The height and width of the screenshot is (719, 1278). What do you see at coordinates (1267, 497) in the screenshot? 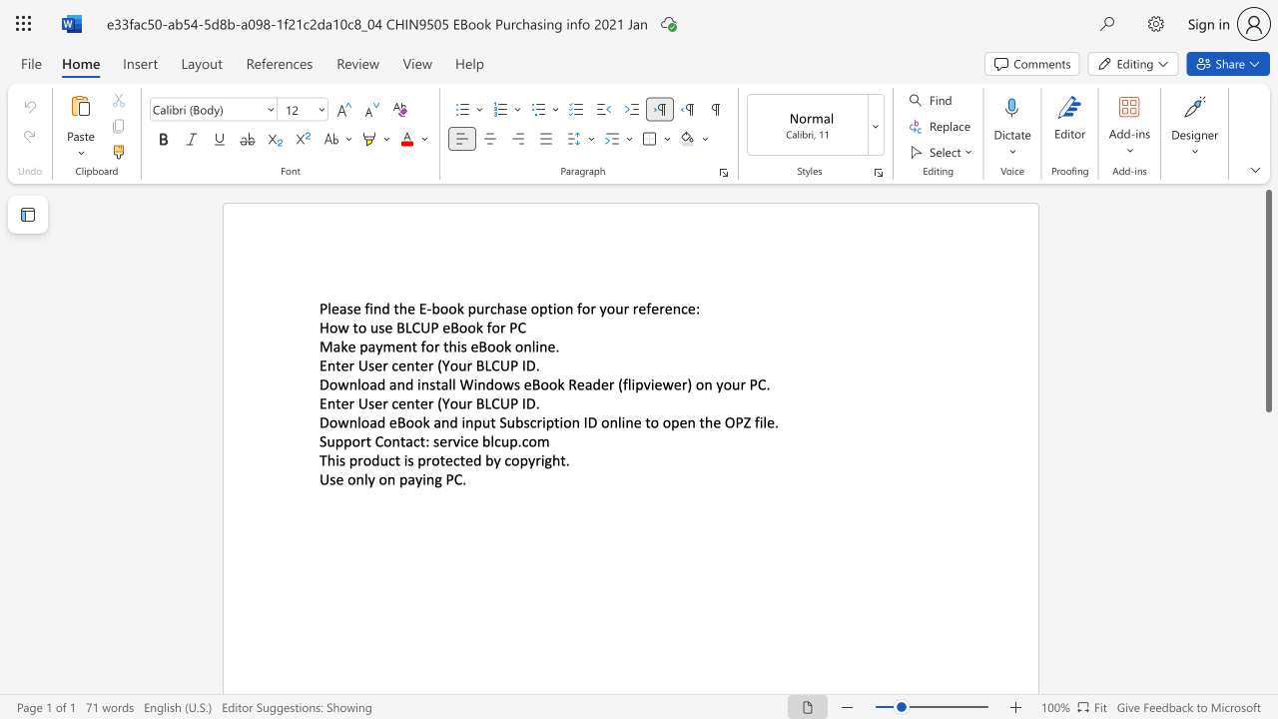
I see `the scrollbar to adjust the page downward` at bounding box center [1267, 497].